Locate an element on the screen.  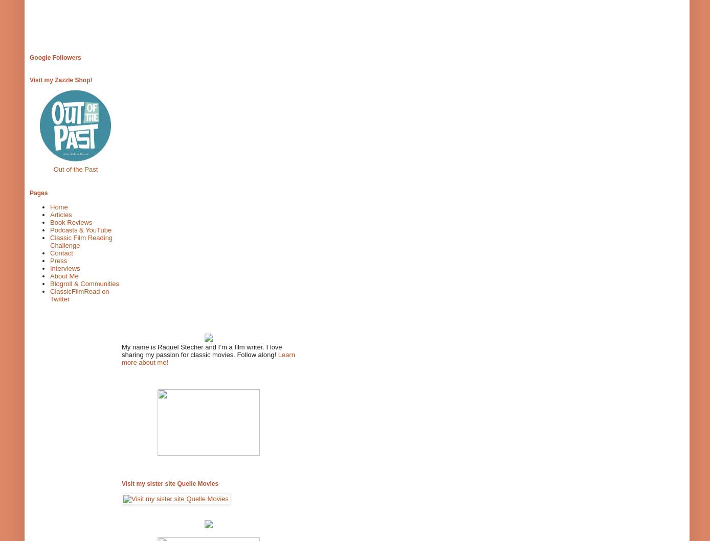
'Press' is located at coordinates (58, 261).